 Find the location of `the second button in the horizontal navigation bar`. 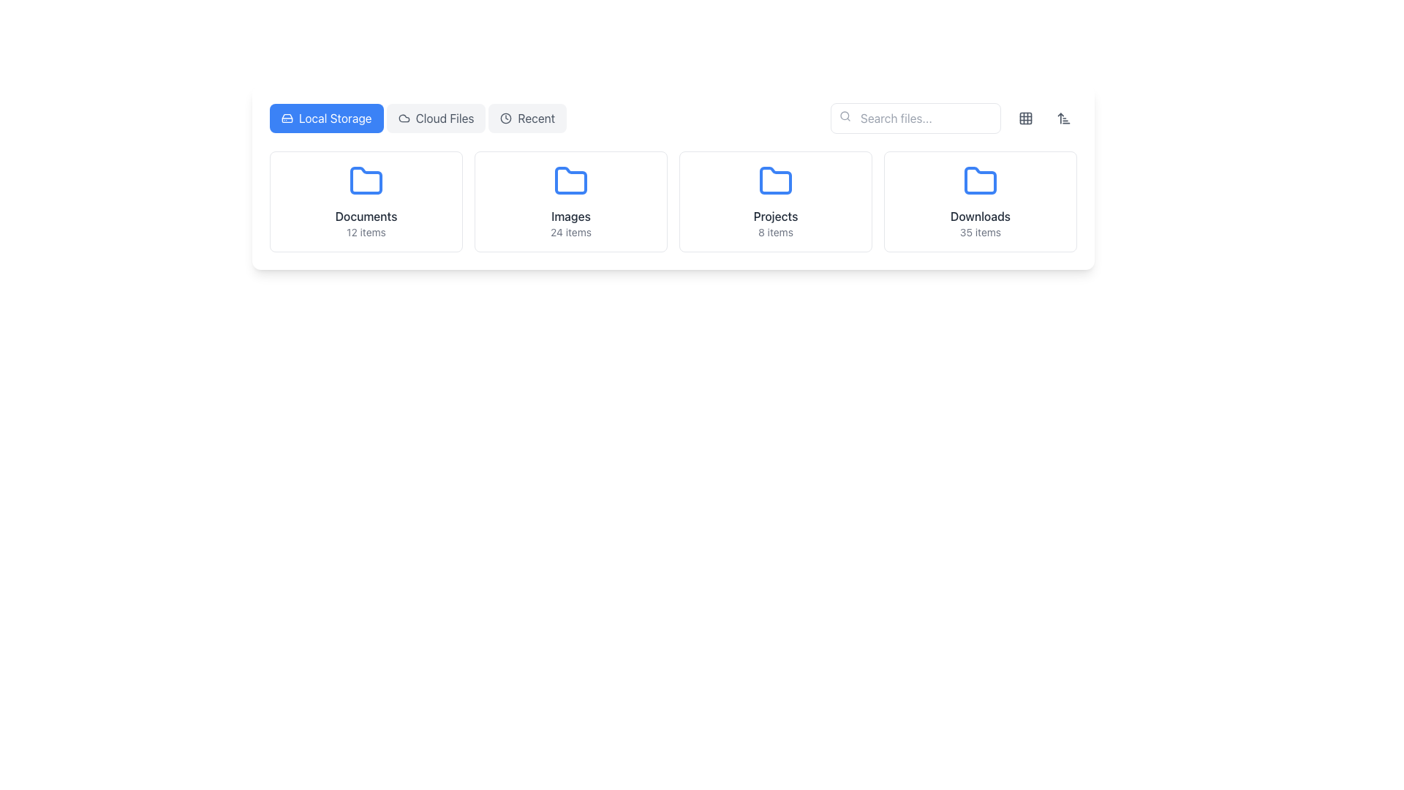

the second button in the horizontal navigation bar is located at coordinates (434, 118).